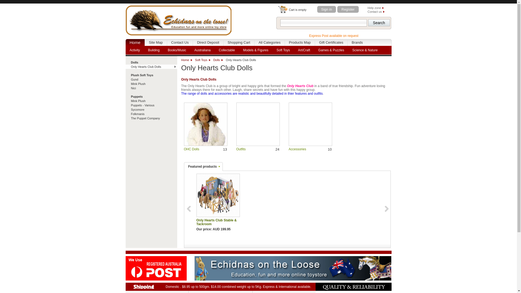 This screenshot has width=521, height=293. What do you see at coordinates (208, 42) in the screenshot?
I see `'Direct Deposit'` at bounding box center [208, 42].